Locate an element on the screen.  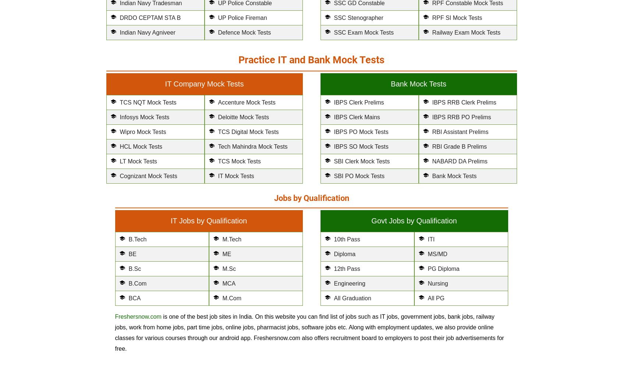
'Govt Jobs by Qualification' is located at coordinates (414, 220).